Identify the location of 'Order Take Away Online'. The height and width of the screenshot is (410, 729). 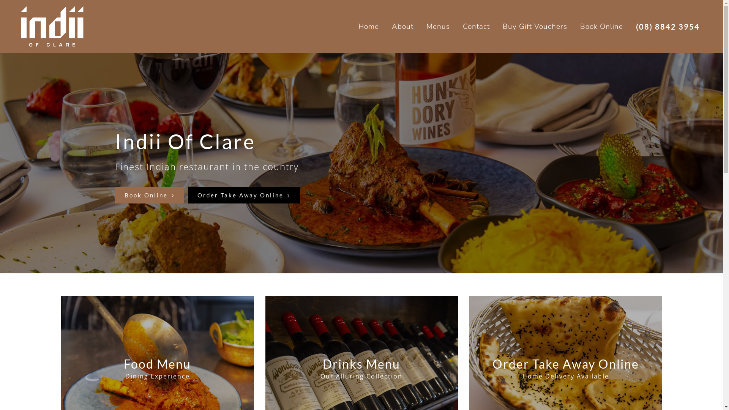
(188, 195).